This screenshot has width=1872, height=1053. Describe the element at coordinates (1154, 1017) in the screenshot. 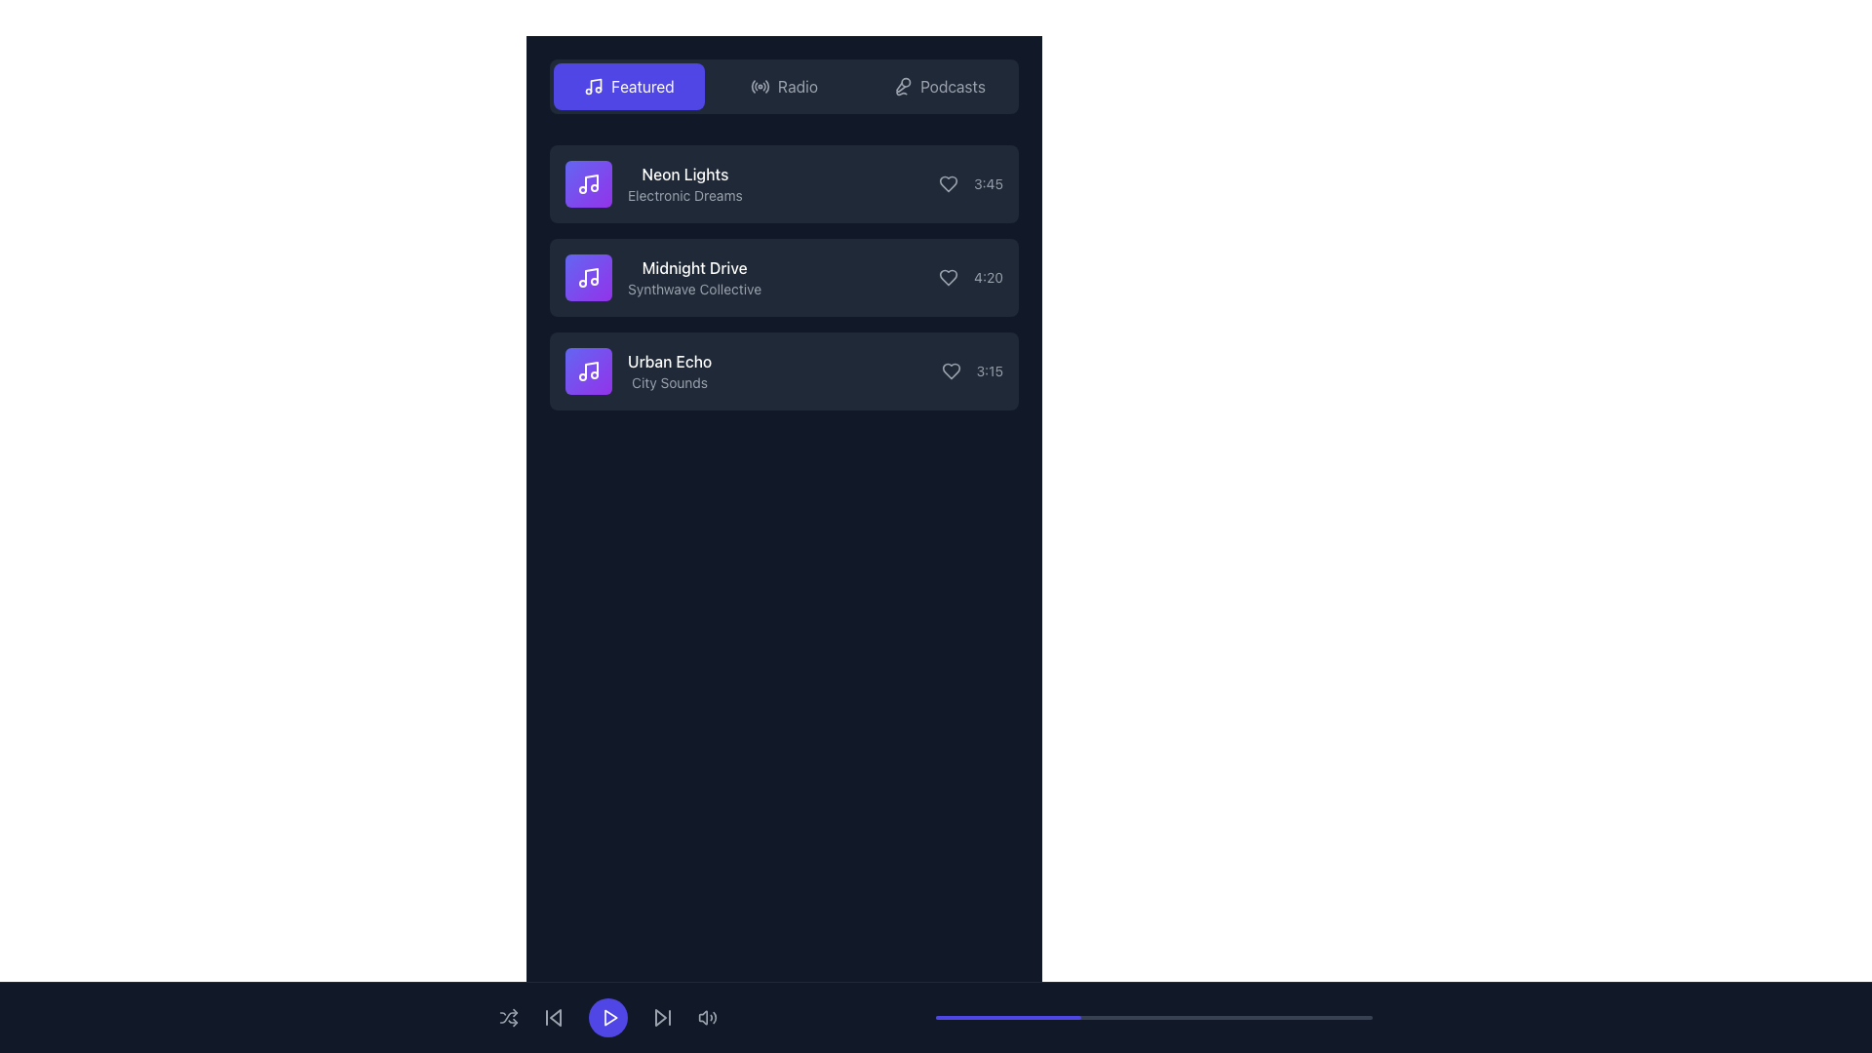

I see `the horizontal progress bar located at the bottom of the interface, characterized by its dark gray background and rounded edges` at that location.